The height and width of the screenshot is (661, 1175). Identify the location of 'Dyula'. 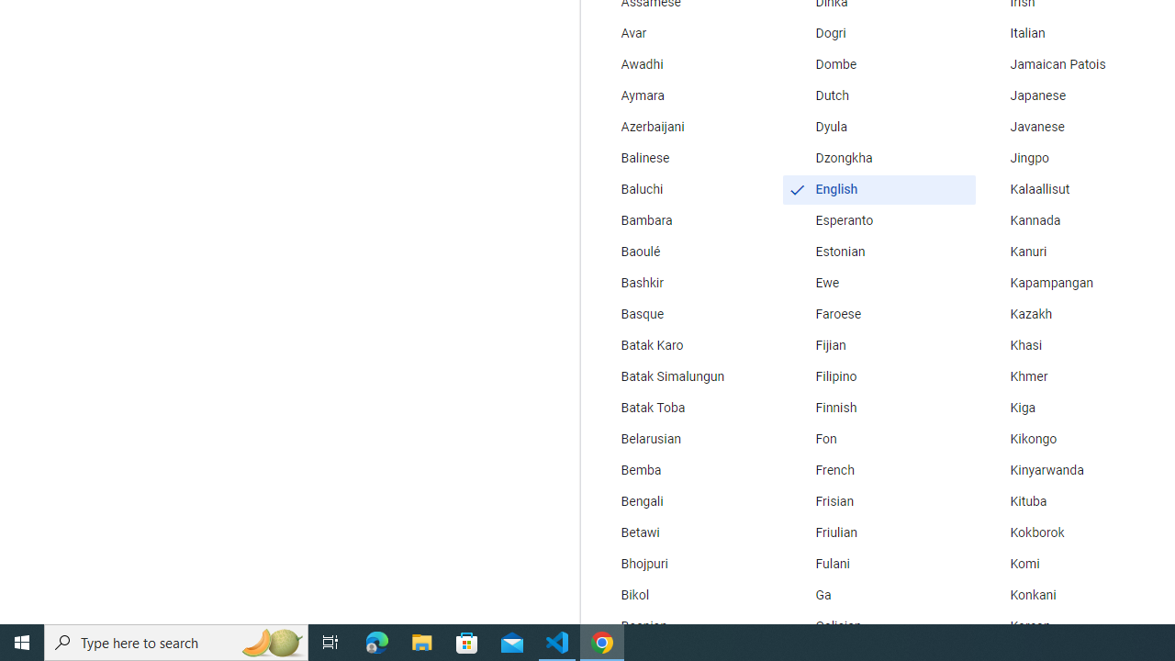
(878, 126).